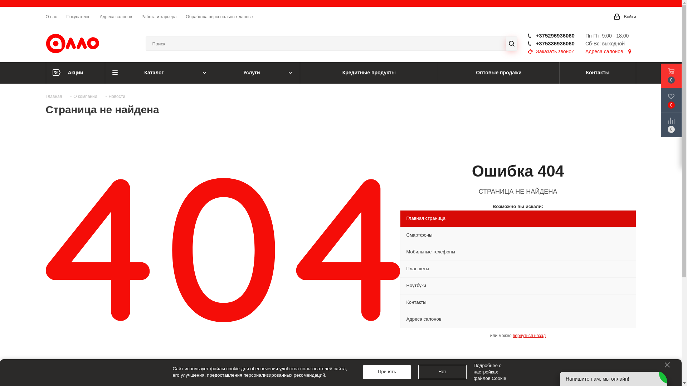 The width and height of the screenshot is (687, 386). Describe the element at coordinates (536, 43) in the screenshot. I see `'+375336936060'` at that location.